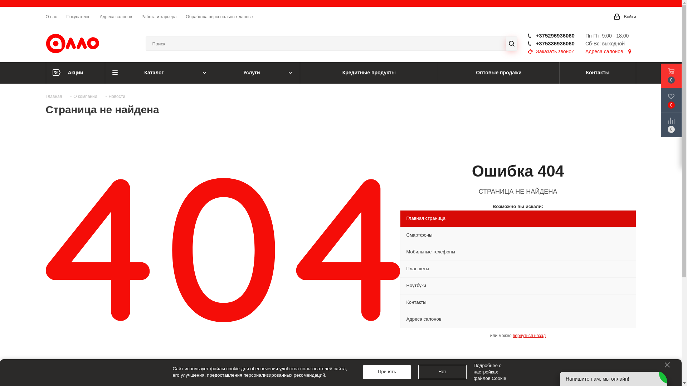 The width and height of the screenshot is (687, 386). Describe the element at coordinates (536, 43) in the screenshot. I see `'+375336936060'` at that location.